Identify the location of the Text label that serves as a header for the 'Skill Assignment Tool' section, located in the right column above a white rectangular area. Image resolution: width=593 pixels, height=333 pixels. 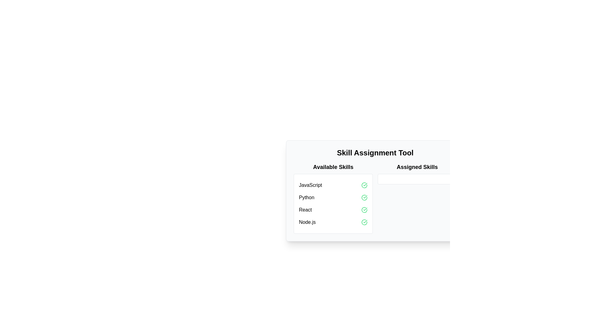
(417, 167).